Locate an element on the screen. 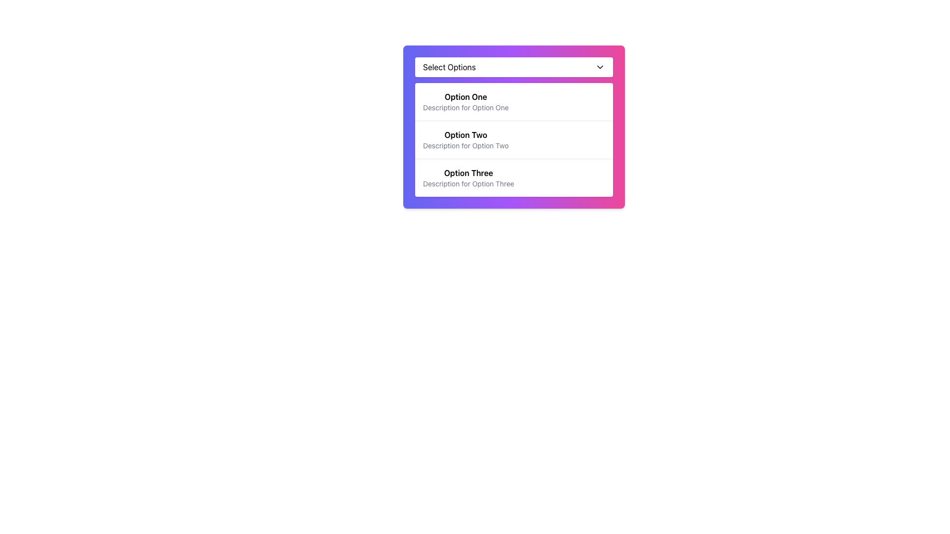 The width and height of the screenshot is (950, 534). the text label displaying 'Description for Option Three', which is located directly below 'Option Three' in the dropdown list is located at coordinates (468, 183).